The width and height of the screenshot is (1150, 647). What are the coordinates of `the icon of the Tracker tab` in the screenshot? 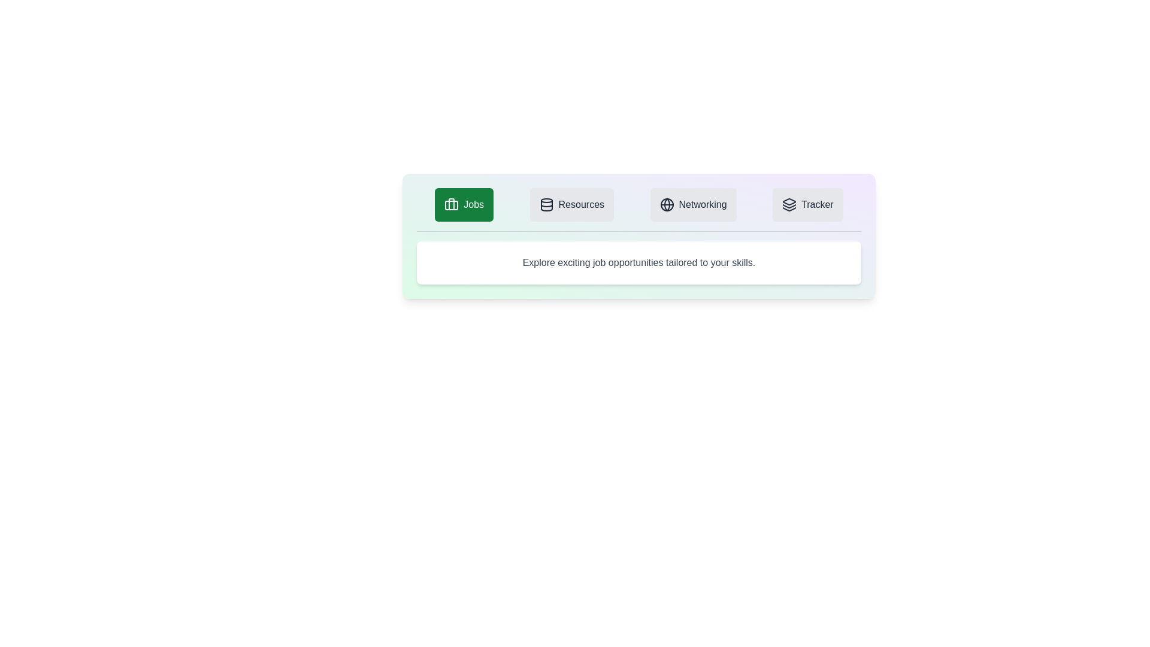 It's located at (789, 204).